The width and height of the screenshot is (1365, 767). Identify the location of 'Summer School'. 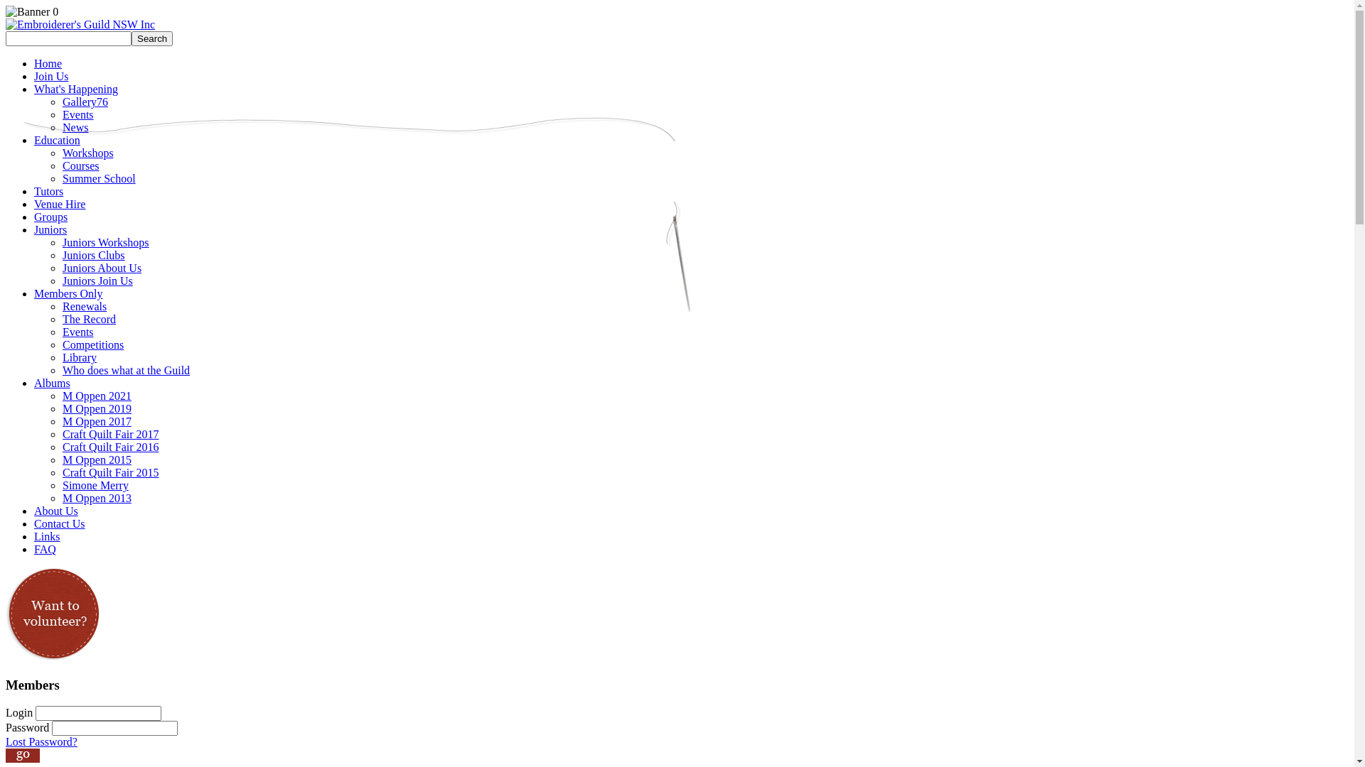
(98, 178).